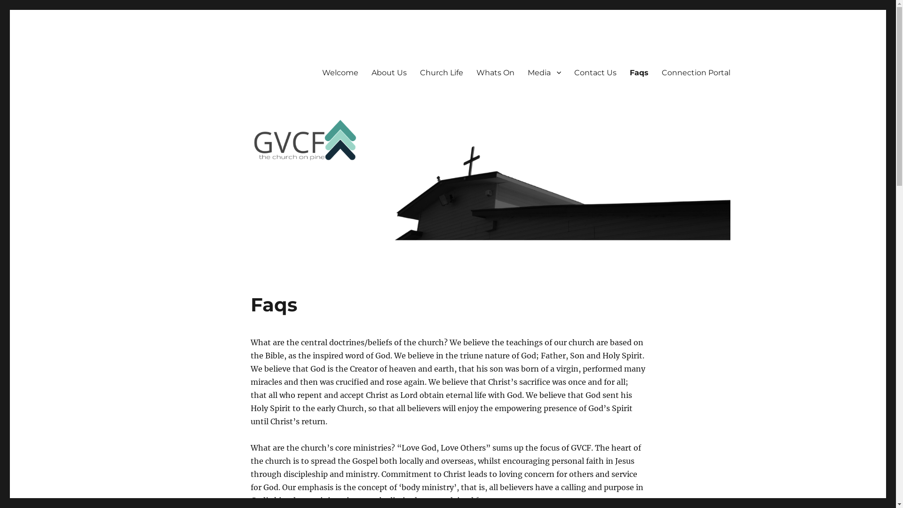 The height and width of the screenshot is (508, 903). I want to click on 'Faqs', so click(639, 72).